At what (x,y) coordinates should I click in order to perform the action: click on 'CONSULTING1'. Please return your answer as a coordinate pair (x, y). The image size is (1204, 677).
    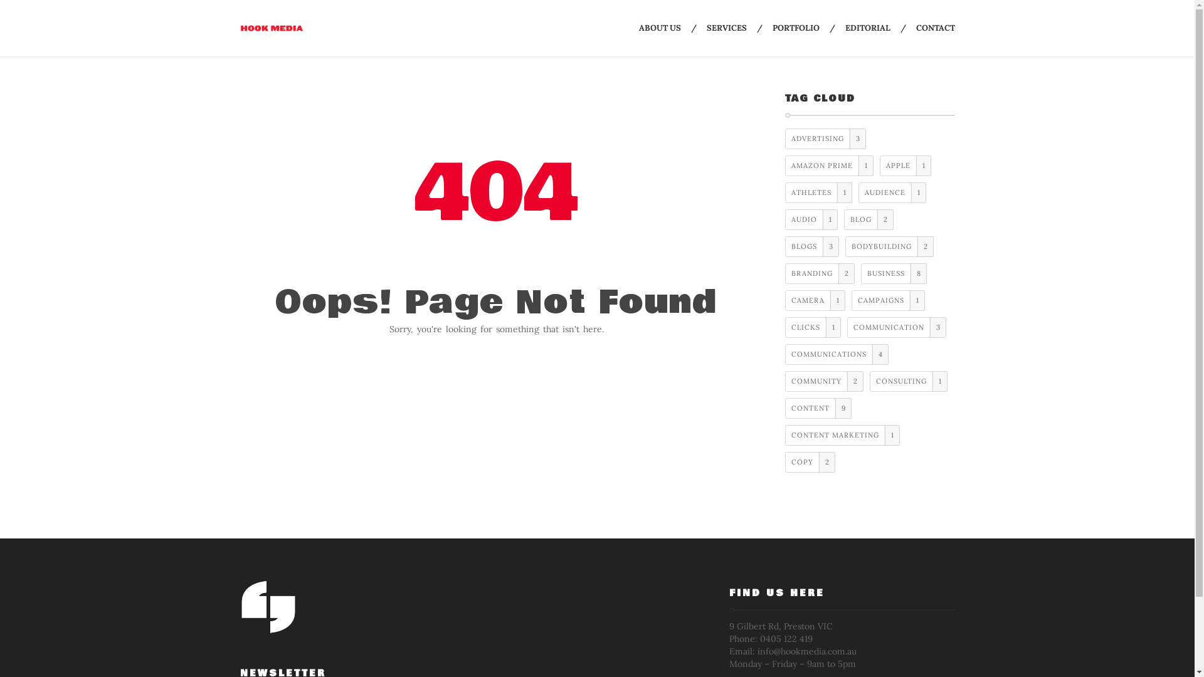
    Looking at the image, I should click on (909, 380).